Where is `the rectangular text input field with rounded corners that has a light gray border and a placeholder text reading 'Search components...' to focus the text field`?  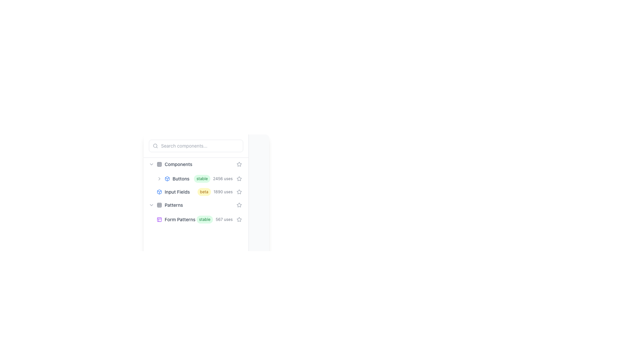
the rectangular text input field with rounded corners that has a light gray border and a placeholder text reading 'Search components...' to focus the text field is located at coordinates (196, 145).